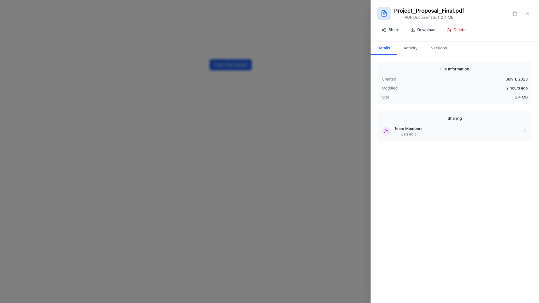  Describe the element at coordinates (410, 48) in the screenshot. I see `the 'Activity' button, which is the second tab in the horizontal navigation bar at the top-right section of the interface, positioned between 'Details' and 'Versions'` at that location.